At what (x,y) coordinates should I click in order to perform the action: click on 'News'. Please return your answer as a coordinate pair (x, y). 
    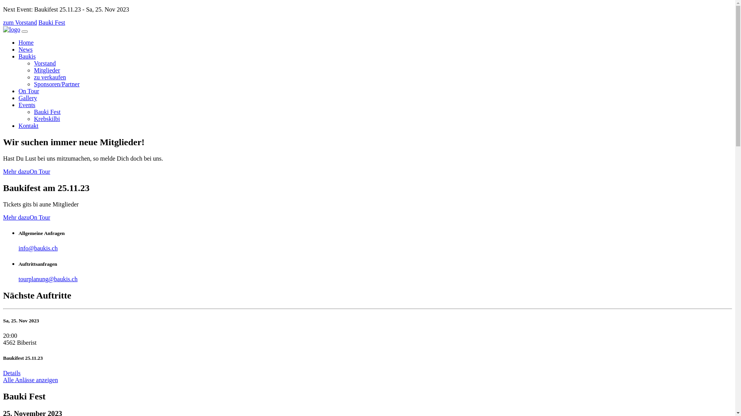
    Looking at the image, I should click on (25, 49).